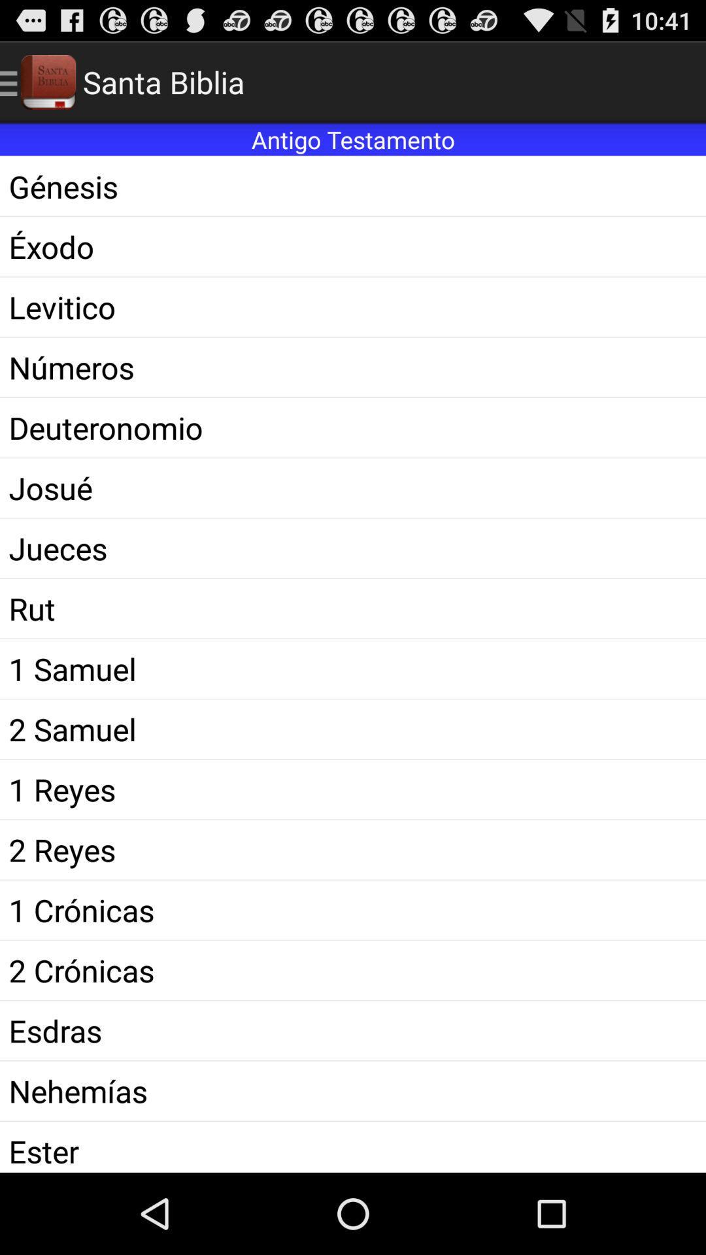  Describe the element at coordinates (353, 306) in the screenshot. I see `the levitico` at that location.